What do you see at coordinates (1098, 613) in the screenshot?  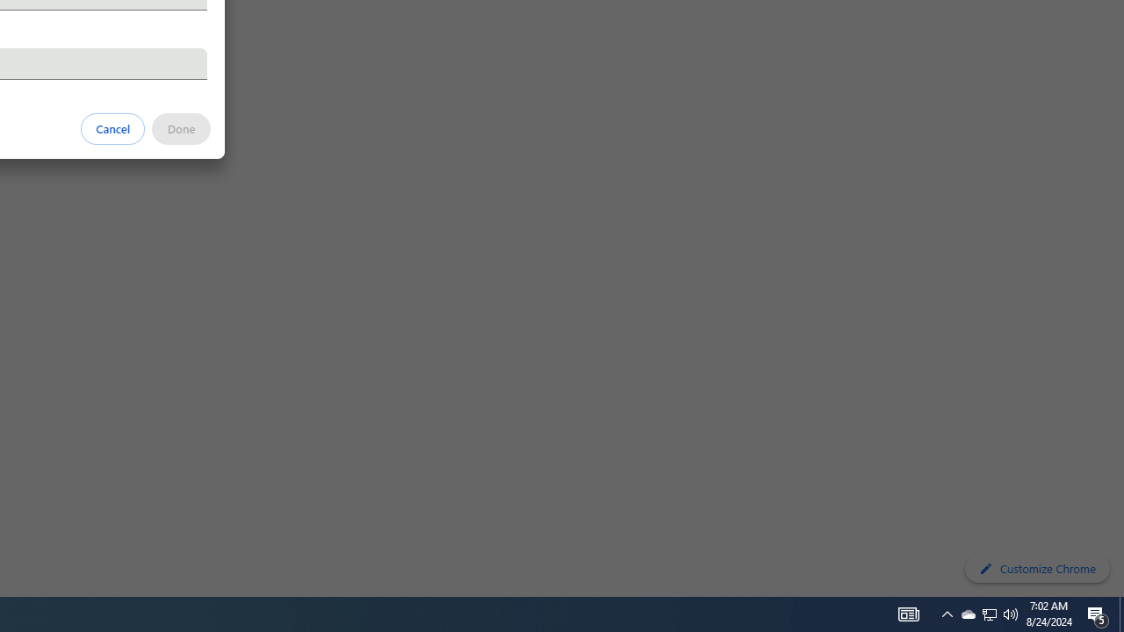 I see `'Action Center, 5 new notifications'` at bounding box center [1098, 613].